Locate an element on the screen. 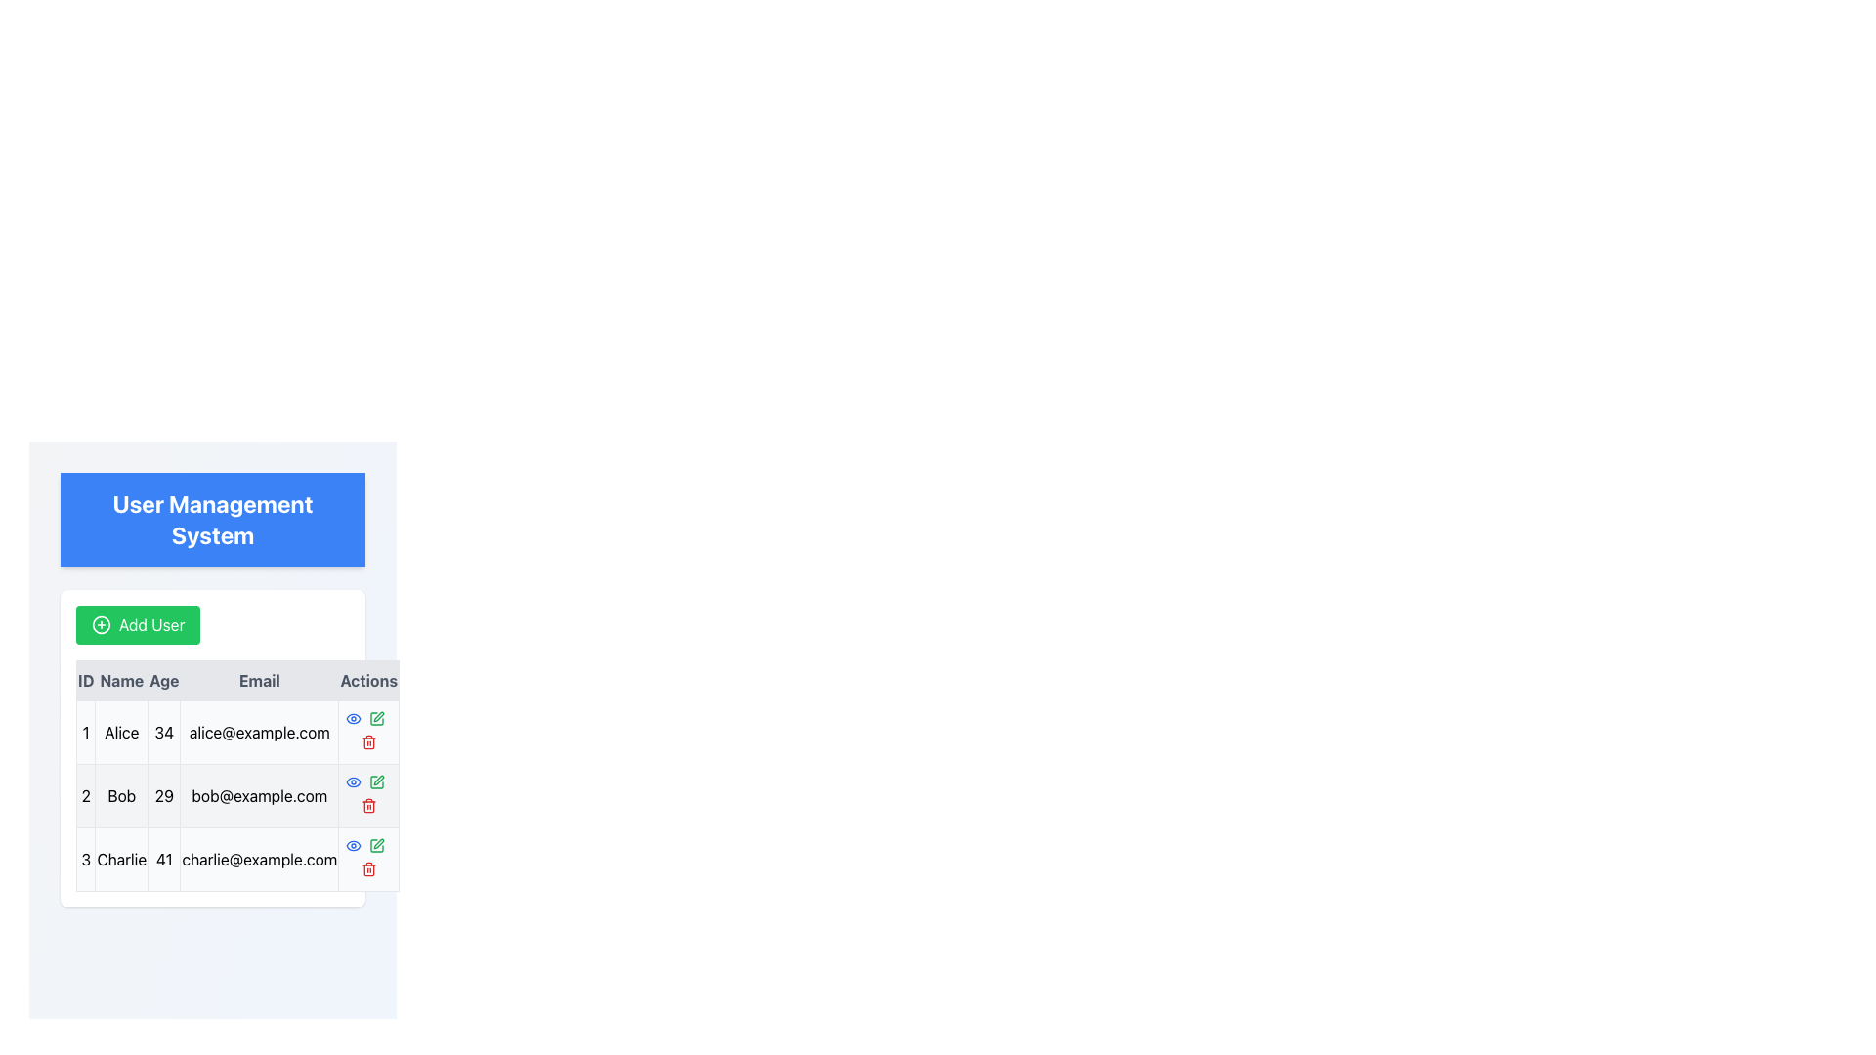 The image size is (1876, 1055). the informational text displaying the email address associated with the user 'Bob', located under the 'Email' header in the second row and fourth column of the table is located at coordinates (258, 795).